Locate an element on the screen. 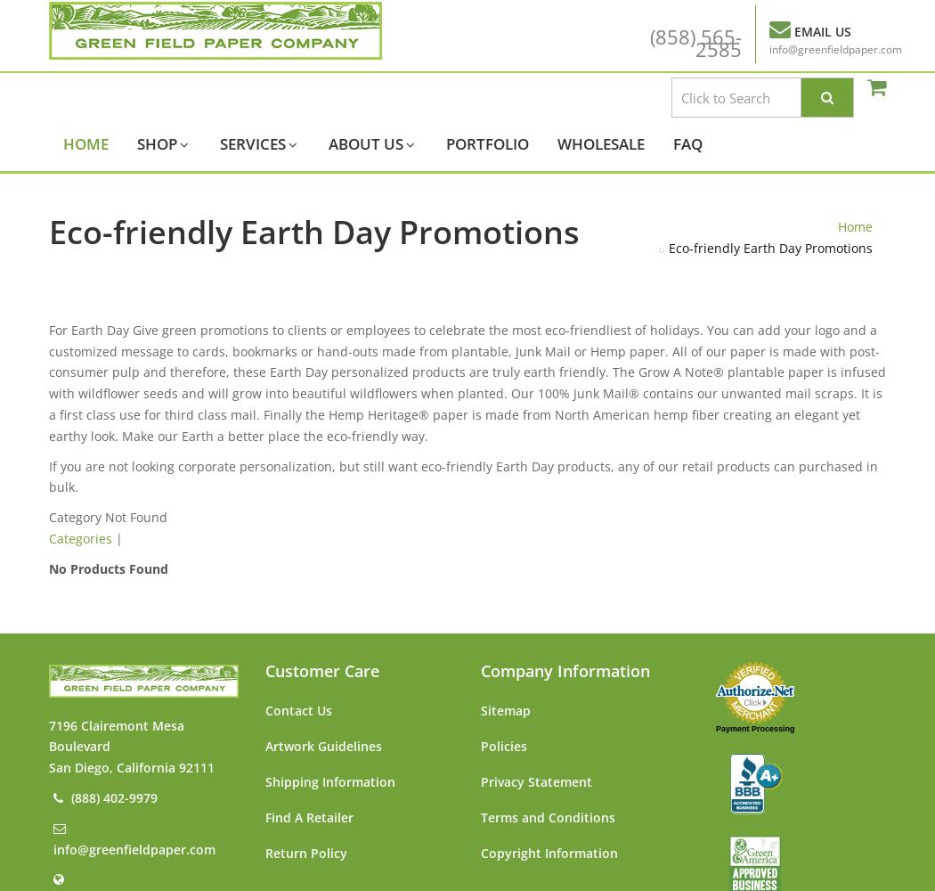 Image resolution: width=935 pixels, height=891 pixels. 'Shop' is located at coordinates (137, 143).